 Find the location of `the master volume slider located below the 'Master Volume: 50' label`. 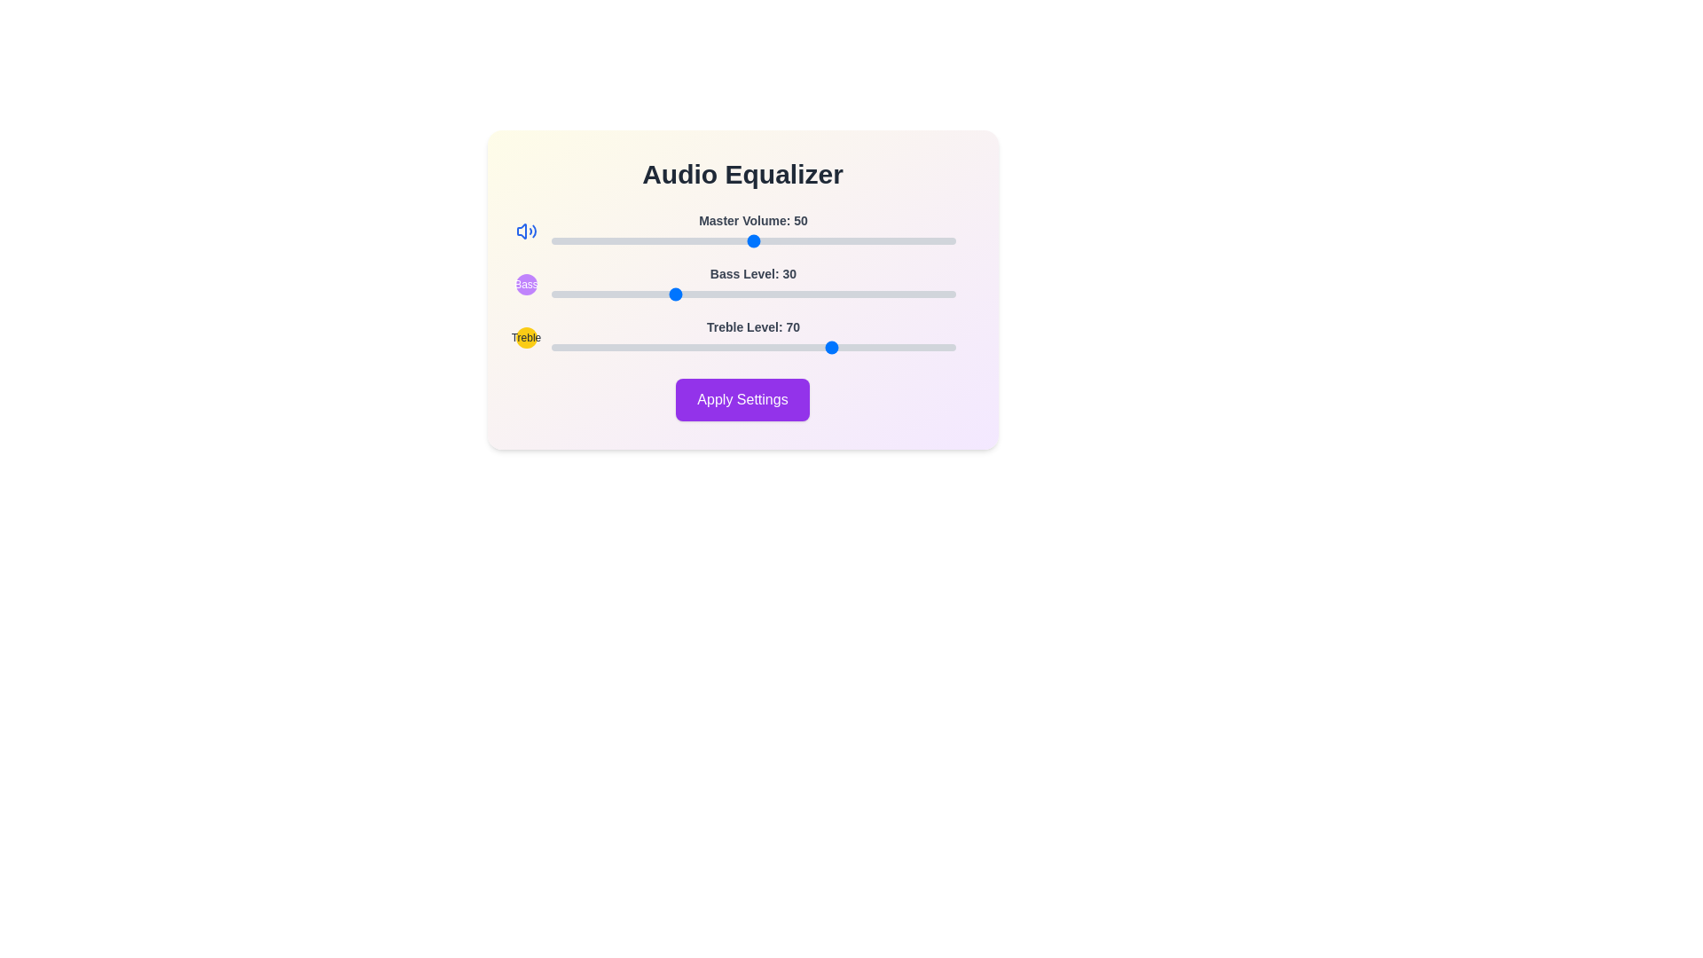

the master volume slider located below the 'Master Volume: 50' label is located at coordinates (753, 241).